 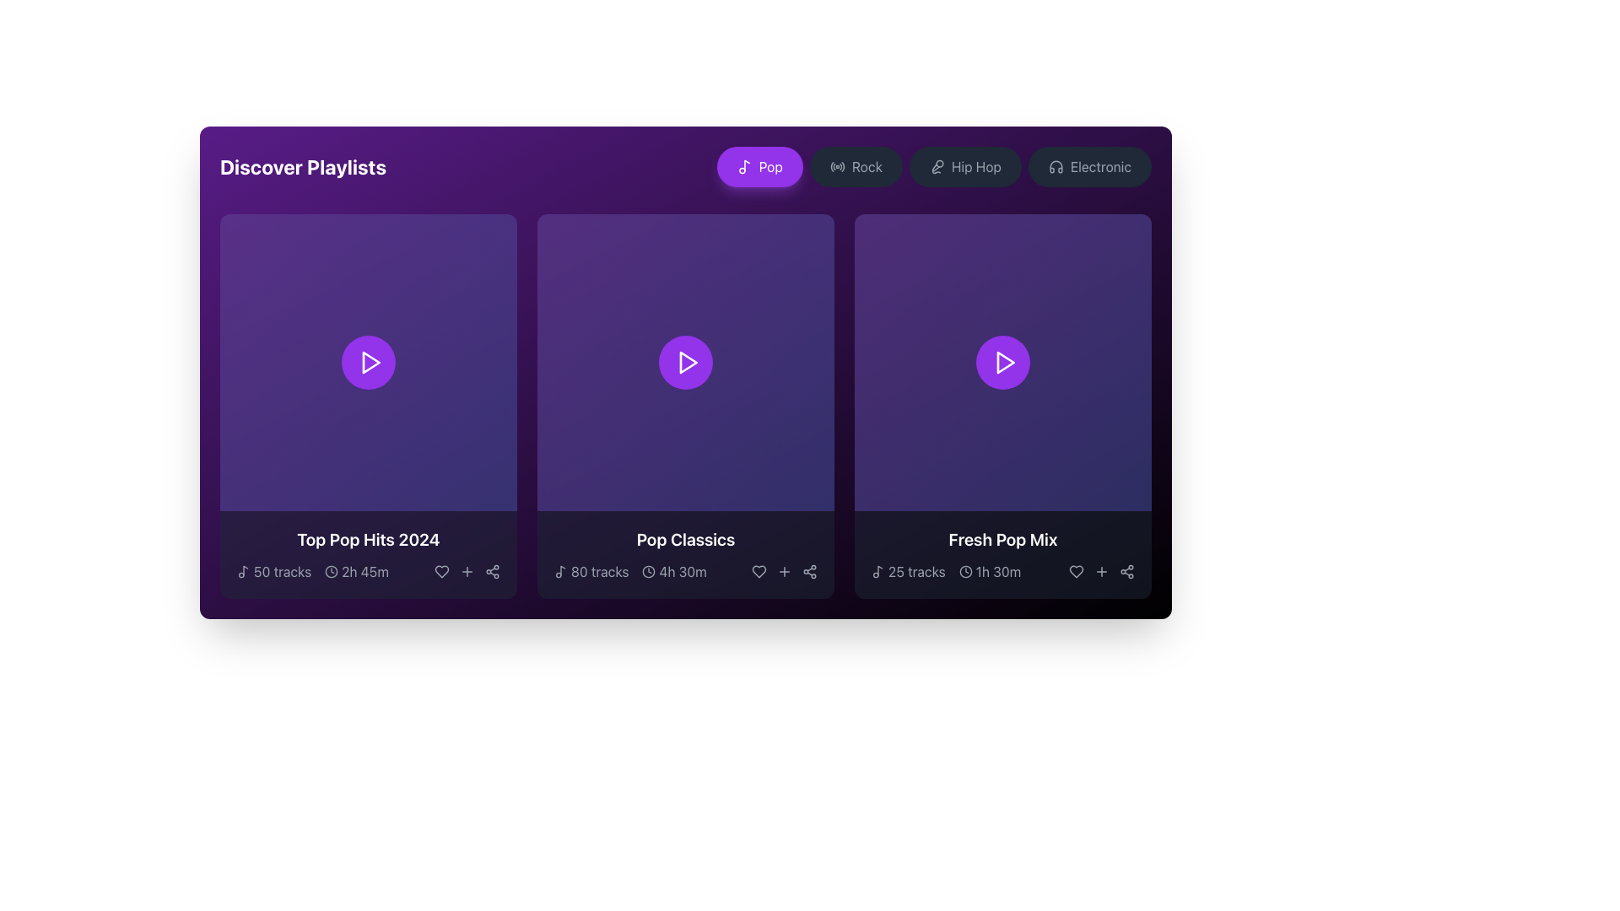 I want to click on the minimalist music visual icon, which is a vertical line ending in a right-leaning diagonal line, located in the bottom-left corner of the first card in a row of playlist cards, so click(x=245, y=569).